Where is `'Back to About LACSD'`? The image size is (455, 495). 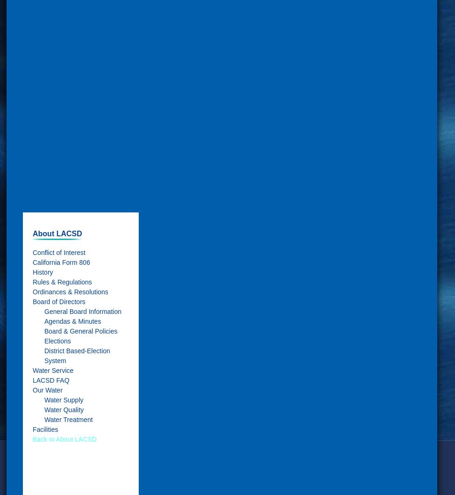 'Back to About LACSD' is located at coordinates (64, 439).